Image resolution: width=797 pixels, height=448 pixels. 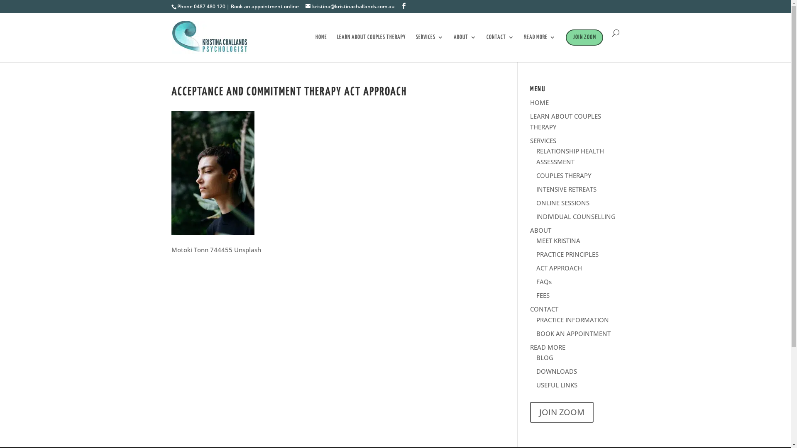 What do you see at coordinates (350, 6) in the screenshot?
I see `'kristina@kristinachallands.com.au'` at bounding box center [350, 6].